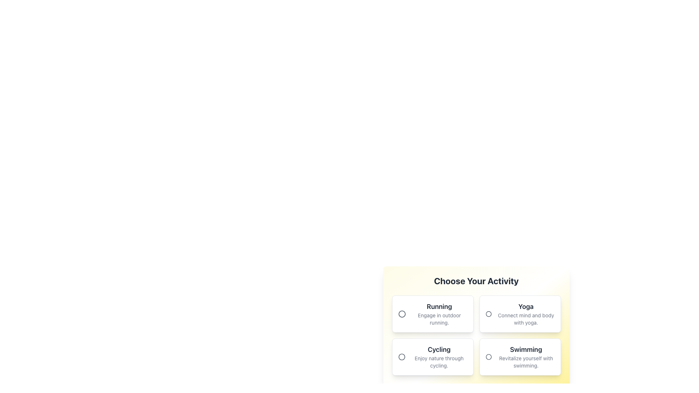 The height and width of the screenshot is (393, 699). I want to click on the circular gray icon representing Yoga, so click(488, 314).